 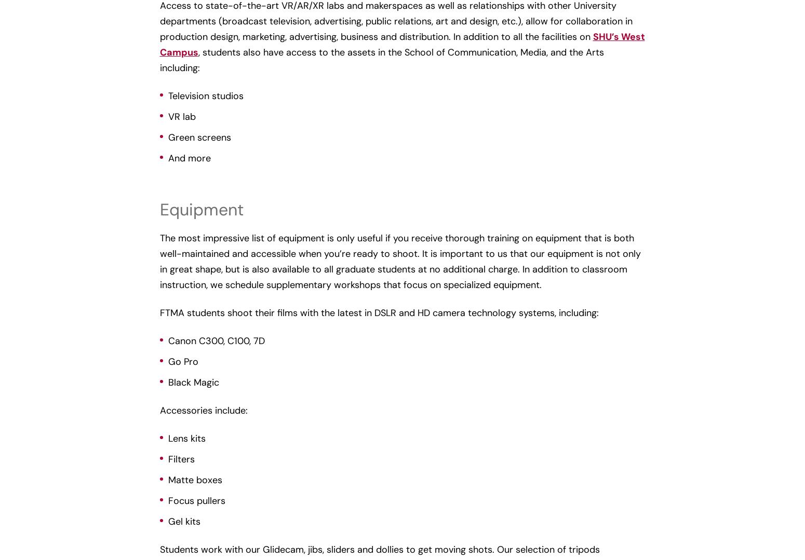 What do you see at coordinates (183, 521) in the screenshot?
I see `'Gel kits'` at bounding box center [183, 521].